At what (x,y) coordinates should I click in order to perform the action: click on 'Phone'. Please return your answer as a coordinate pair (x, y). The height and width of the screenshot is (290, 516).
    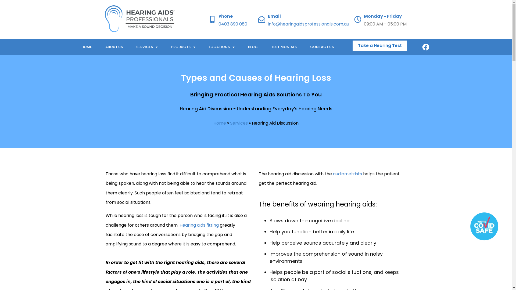
    Looking at the image, I should click on (225, 16).